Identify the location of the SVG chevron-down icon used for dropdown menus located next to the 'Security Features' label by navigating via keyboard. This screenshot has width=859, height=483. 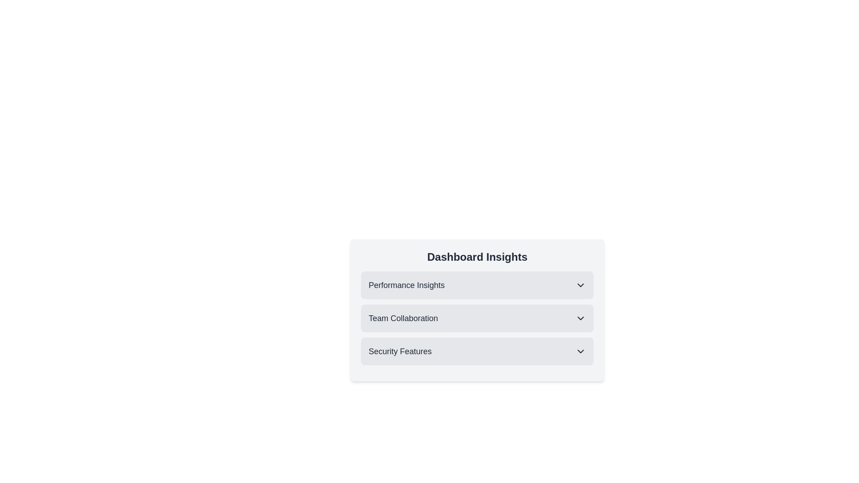
(580, 351).